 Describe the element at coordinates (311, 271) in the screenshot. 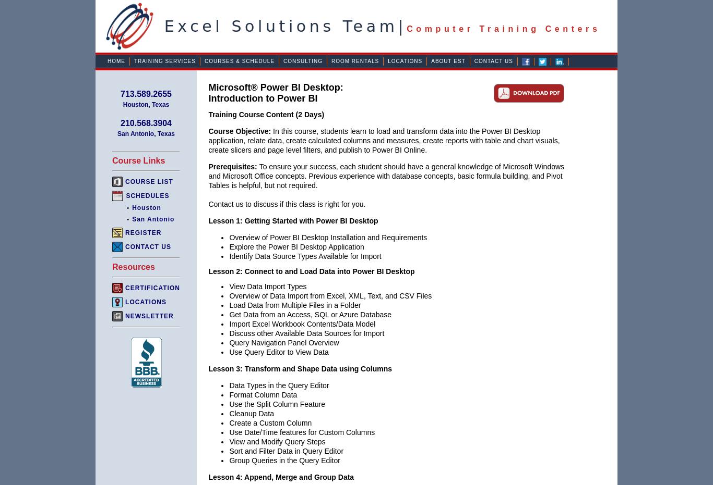

I see `'Lesson  2: Connect to and Load Data into Power BI Desktop'` at that location.